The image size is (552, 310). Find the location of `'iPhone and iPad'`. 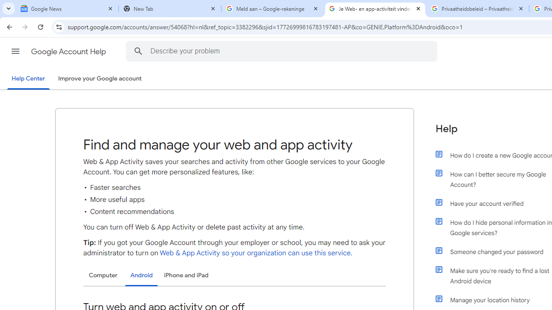

'iPhone and iPad' is located at coordinates (186, 275).